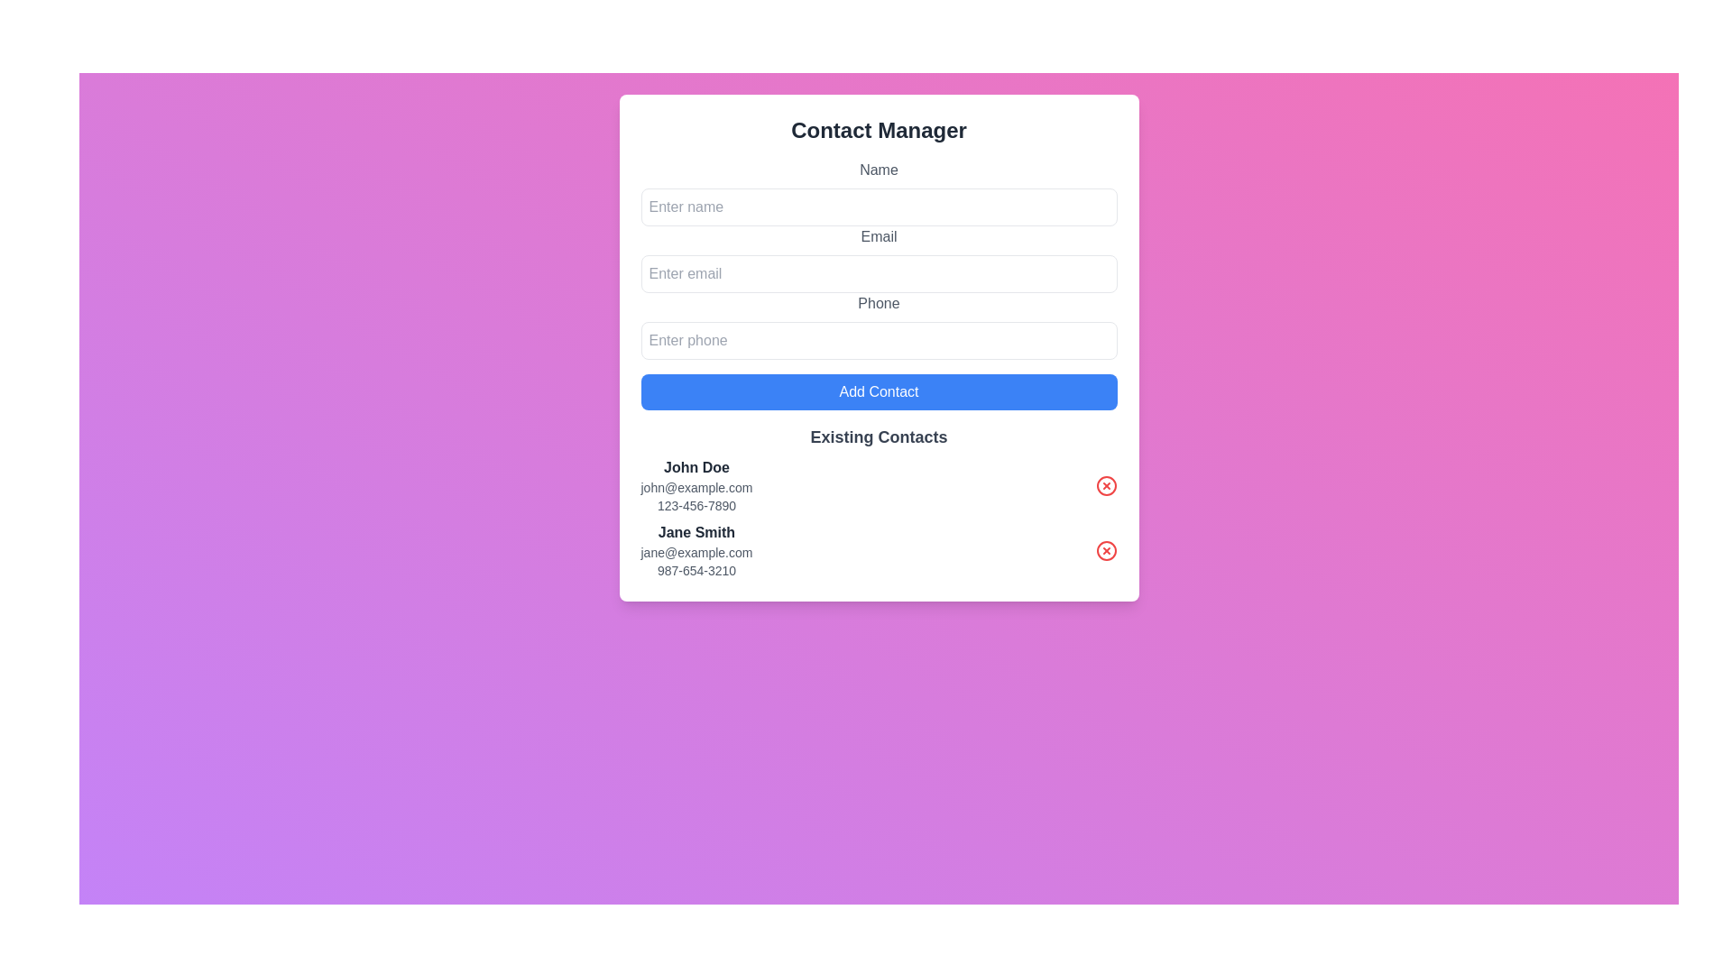 Image resolution: width=1732 pixels, height=974 pixels. Describe the element at coordinates (696, 505) in the screenshot. I see `the static text label displaying the phone number for the contact 'John Doe' in the 'Existing Contacts' section` at that location.